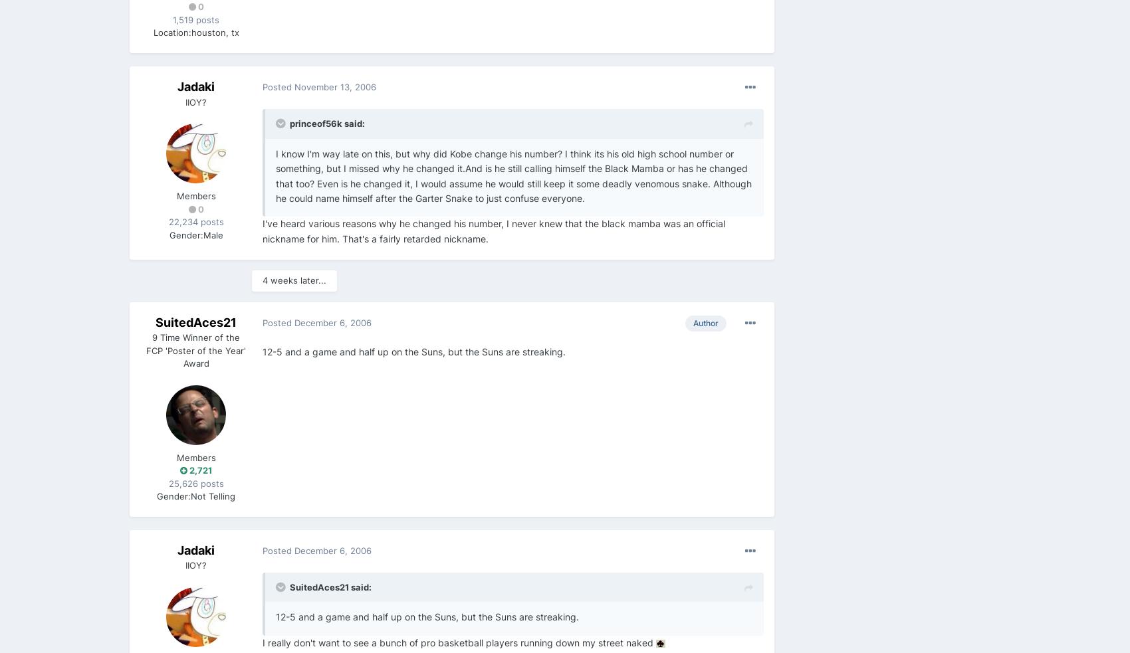 The height and width of the screenshot is (653, 1130). What do you see at coordinates (212, 495) in the screenshot?
I see `'Not Telling'` at bounding box center [212, 495].